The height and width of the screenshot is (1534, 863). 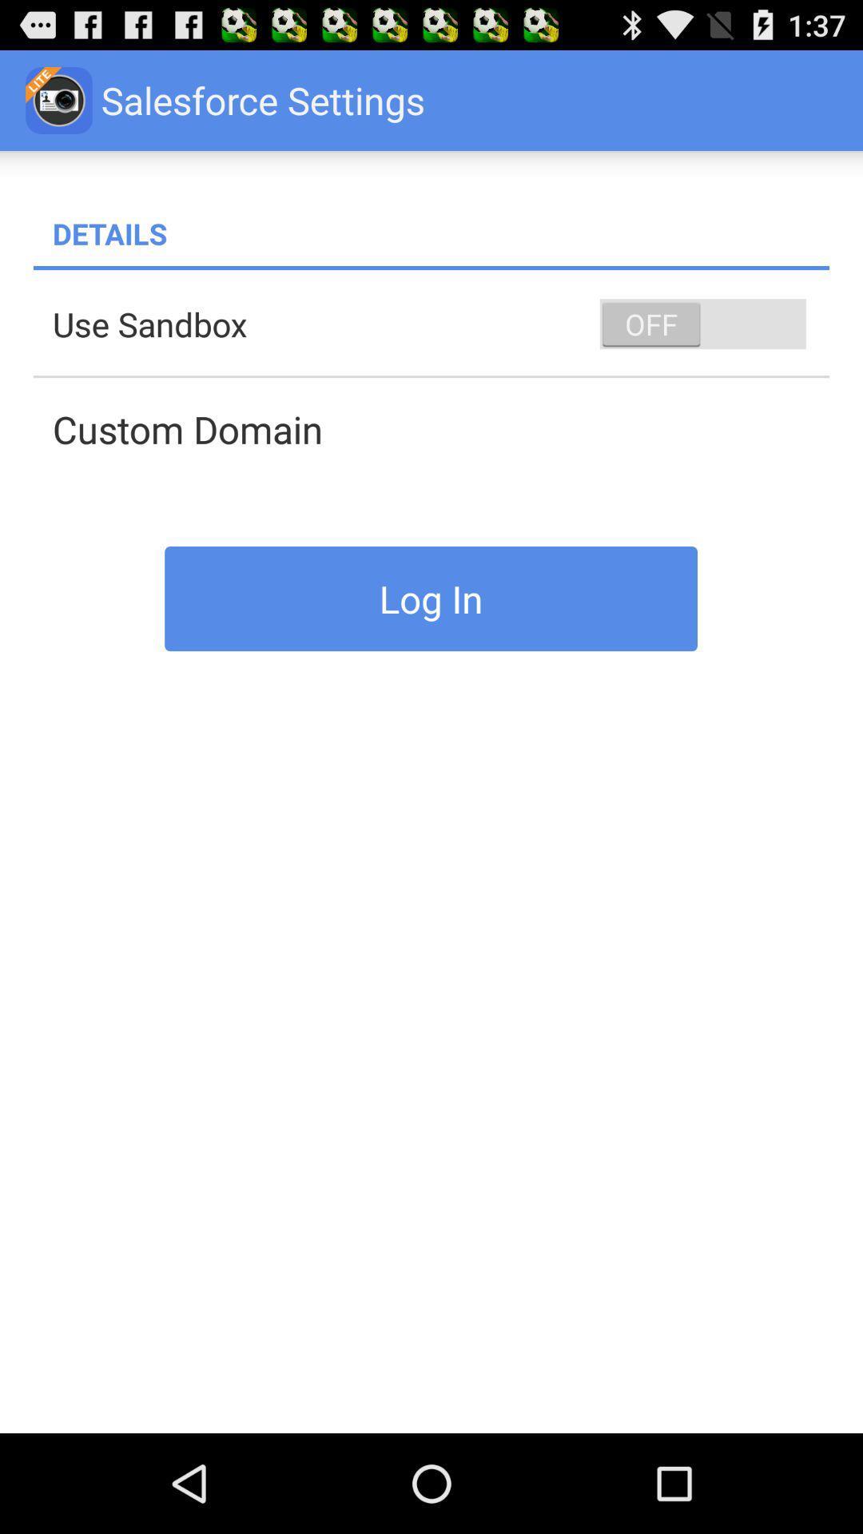 What do you see at coordinates (440, 323) in the screenshot?
I see `use sandbox` at bounding box center [440, 323].